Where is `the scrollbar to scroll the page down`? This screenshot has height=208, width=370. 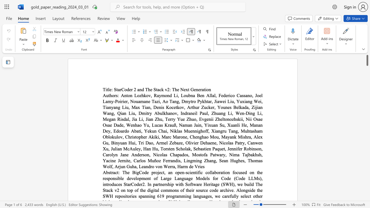 the scrollbar to scroll the page down is located at coordinates (367, 188).